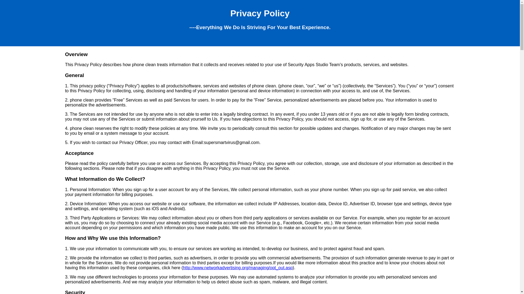  What do you see at coordinates (237, 267) in the screenshot?
I see `'http://www.networkadvertising.org/managing/opt_out.asp'` at bounding box center [237, 267].